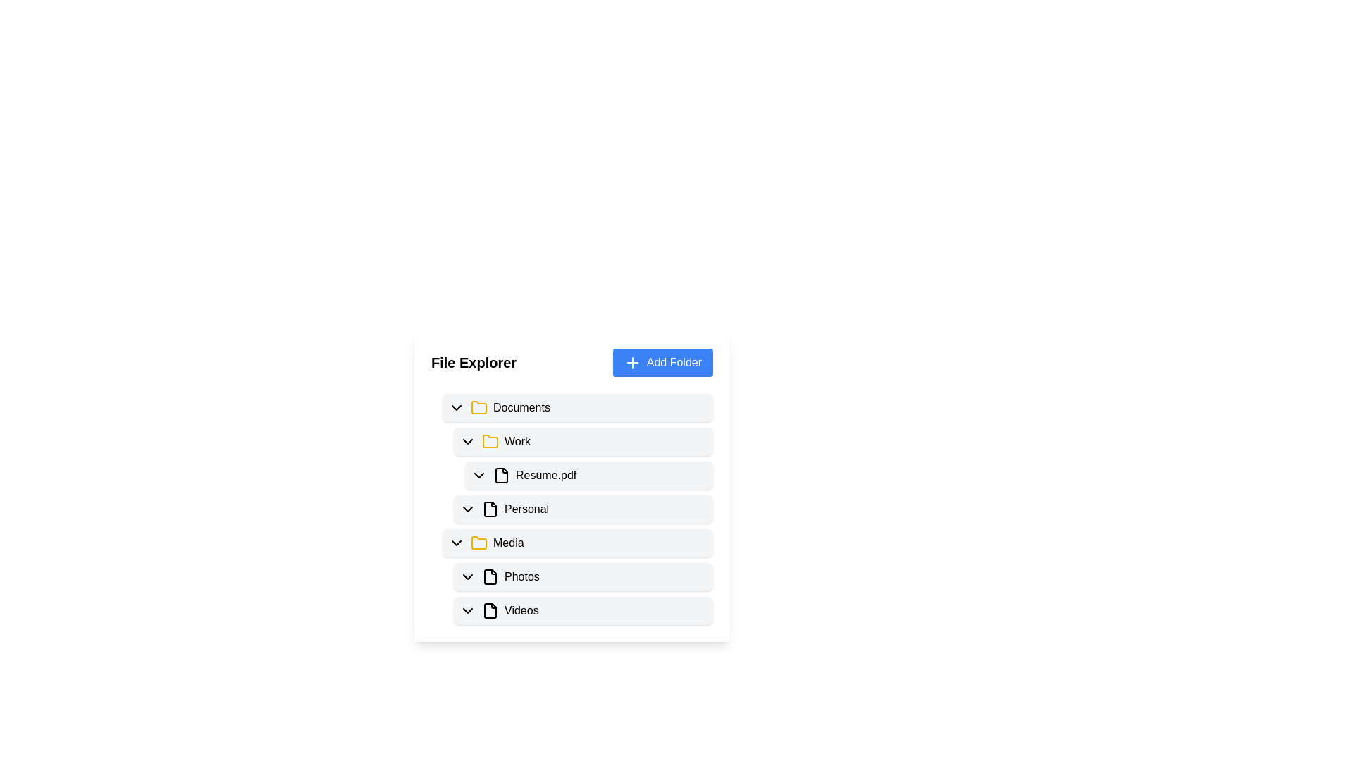 The image size is (1353, 761). I want to click on the Chevron icon, so click(467, 576).